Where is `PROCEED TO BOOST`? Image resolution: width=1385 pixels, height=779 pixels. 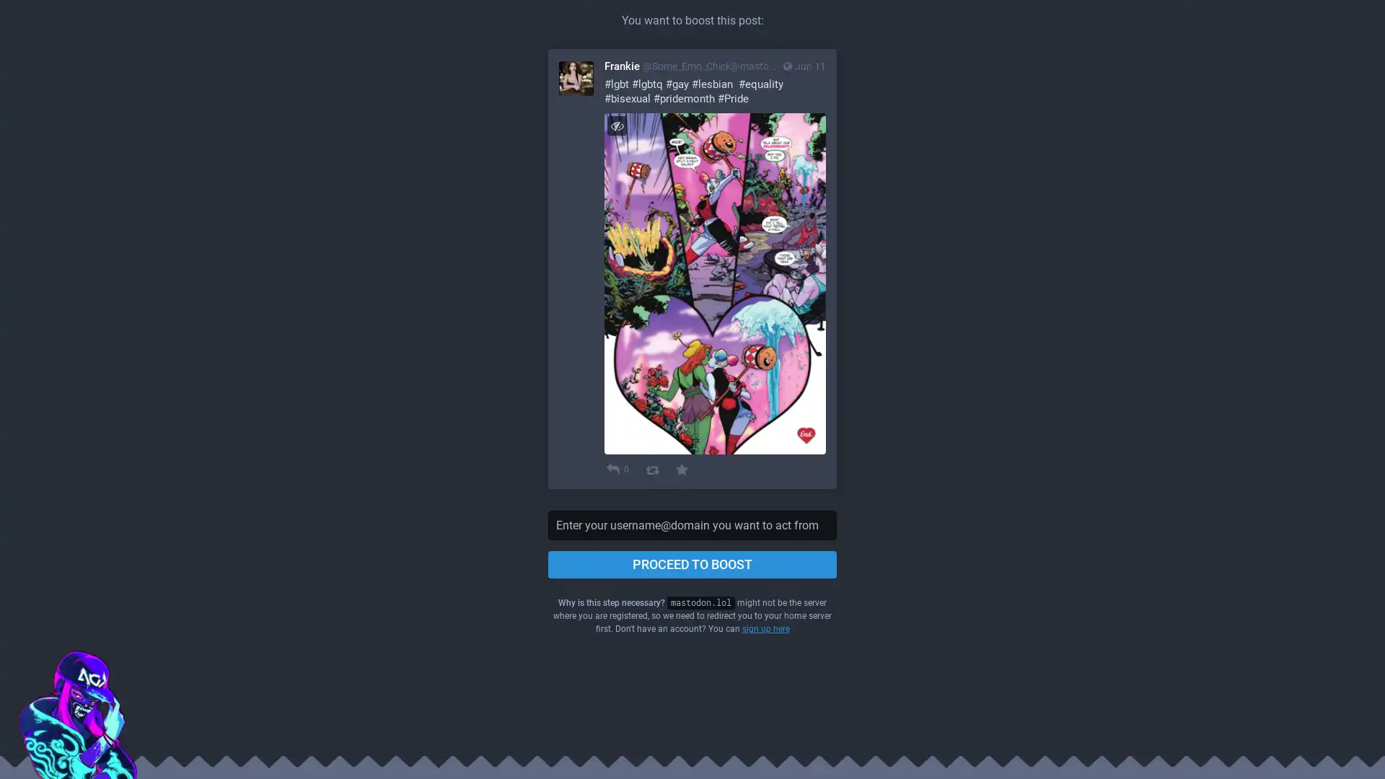
PROCEED TO BOOST is located at coordinates (692, 564).